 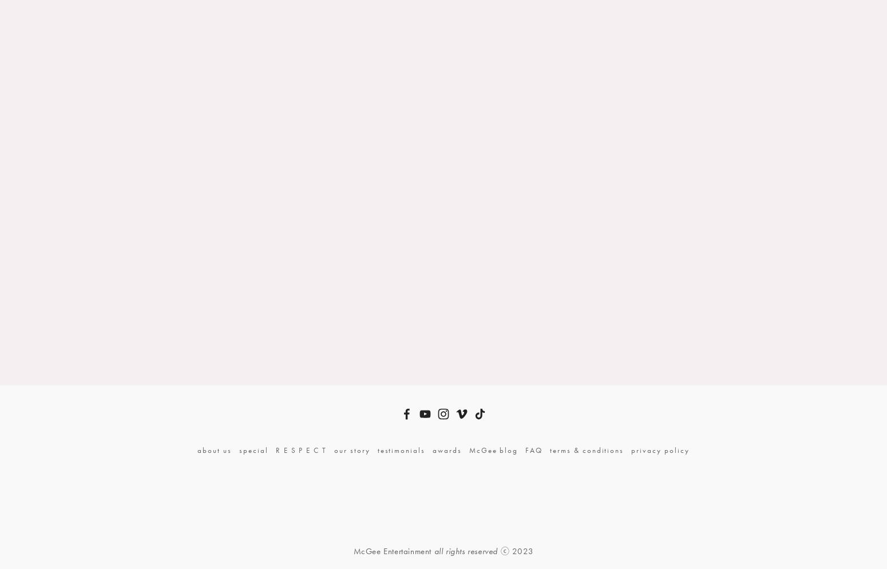 I want to click on 'ⓒ 2023', so click(x=516, y=550).